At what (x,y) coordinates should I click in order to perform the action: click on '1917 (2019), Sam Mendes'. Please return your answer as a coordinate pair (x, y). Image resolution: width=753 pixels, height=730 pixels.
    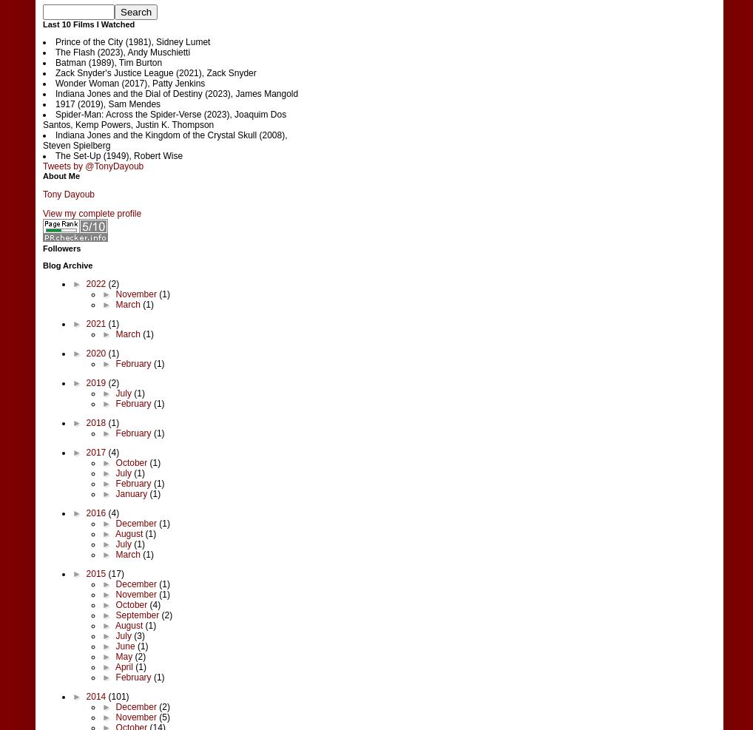
    Looking at the image, I should click on (55, 103).